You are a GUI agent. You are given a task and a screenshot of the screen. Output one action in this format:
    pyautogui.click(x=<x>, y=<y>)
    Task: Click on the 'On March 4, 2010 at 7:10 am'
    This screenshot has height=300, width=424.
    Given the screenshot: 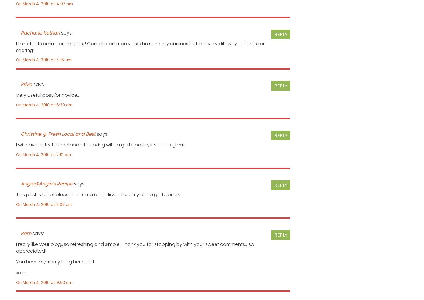 What is the action you would take?
    pyautogui.click(x=43, y=154)
    